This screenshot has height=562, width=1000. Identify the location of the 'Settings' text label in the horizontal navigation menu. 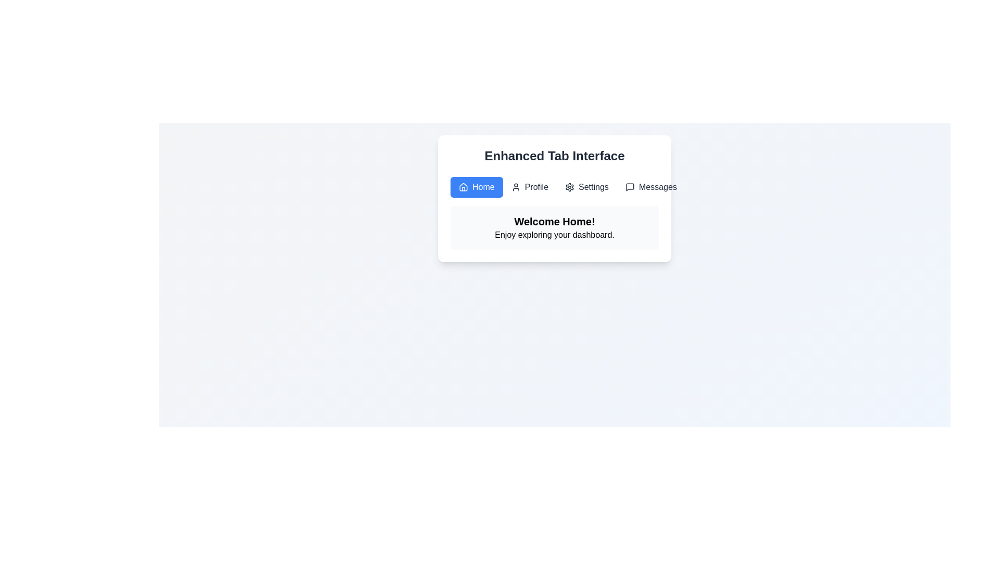
(593, 186).